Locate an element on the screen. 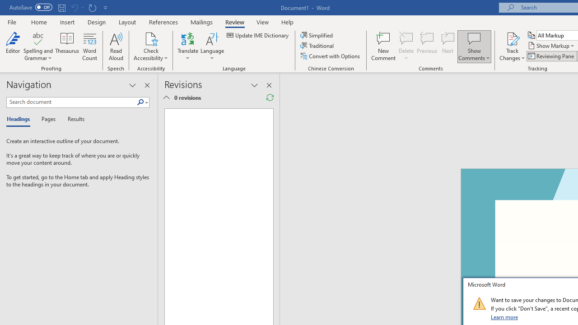 This screenshot has width=578, height=325. 'Search document' is located at coordinates (71, 102).